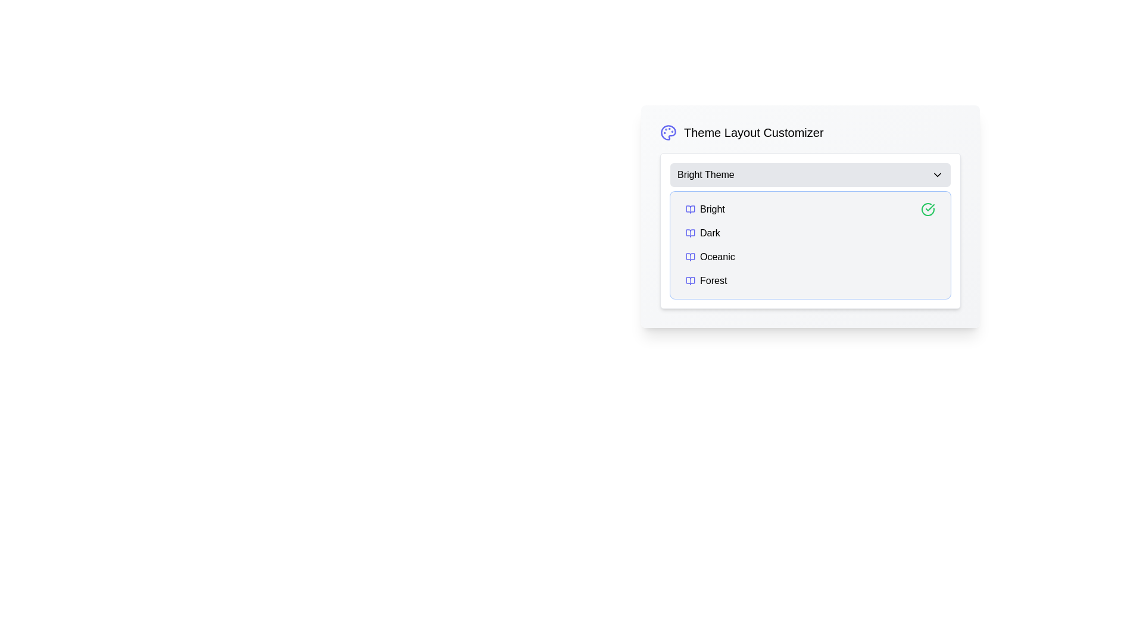 Image resolution: width=1143 pixels, height=643 pixels. I want to click on the indigo open book icon located to the left of the 'Oceanic' text in the list item, so click(691, 257).